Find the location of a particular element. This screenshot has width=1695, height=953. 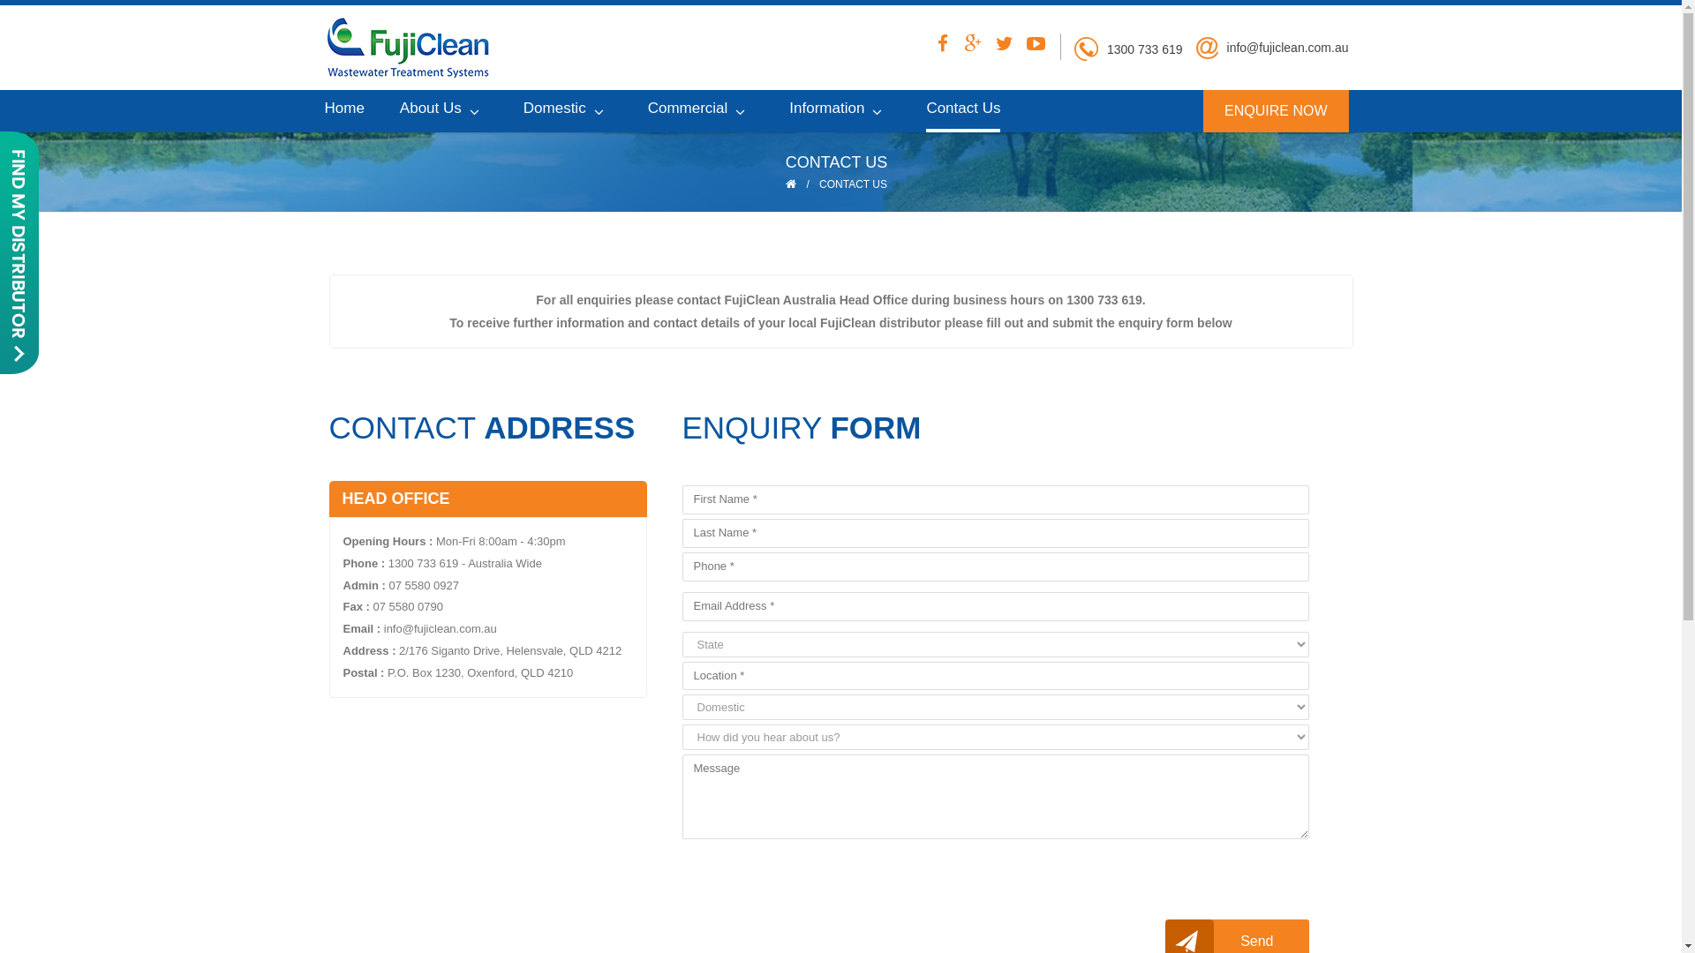

'Home' is located at coordinates (344, 109).